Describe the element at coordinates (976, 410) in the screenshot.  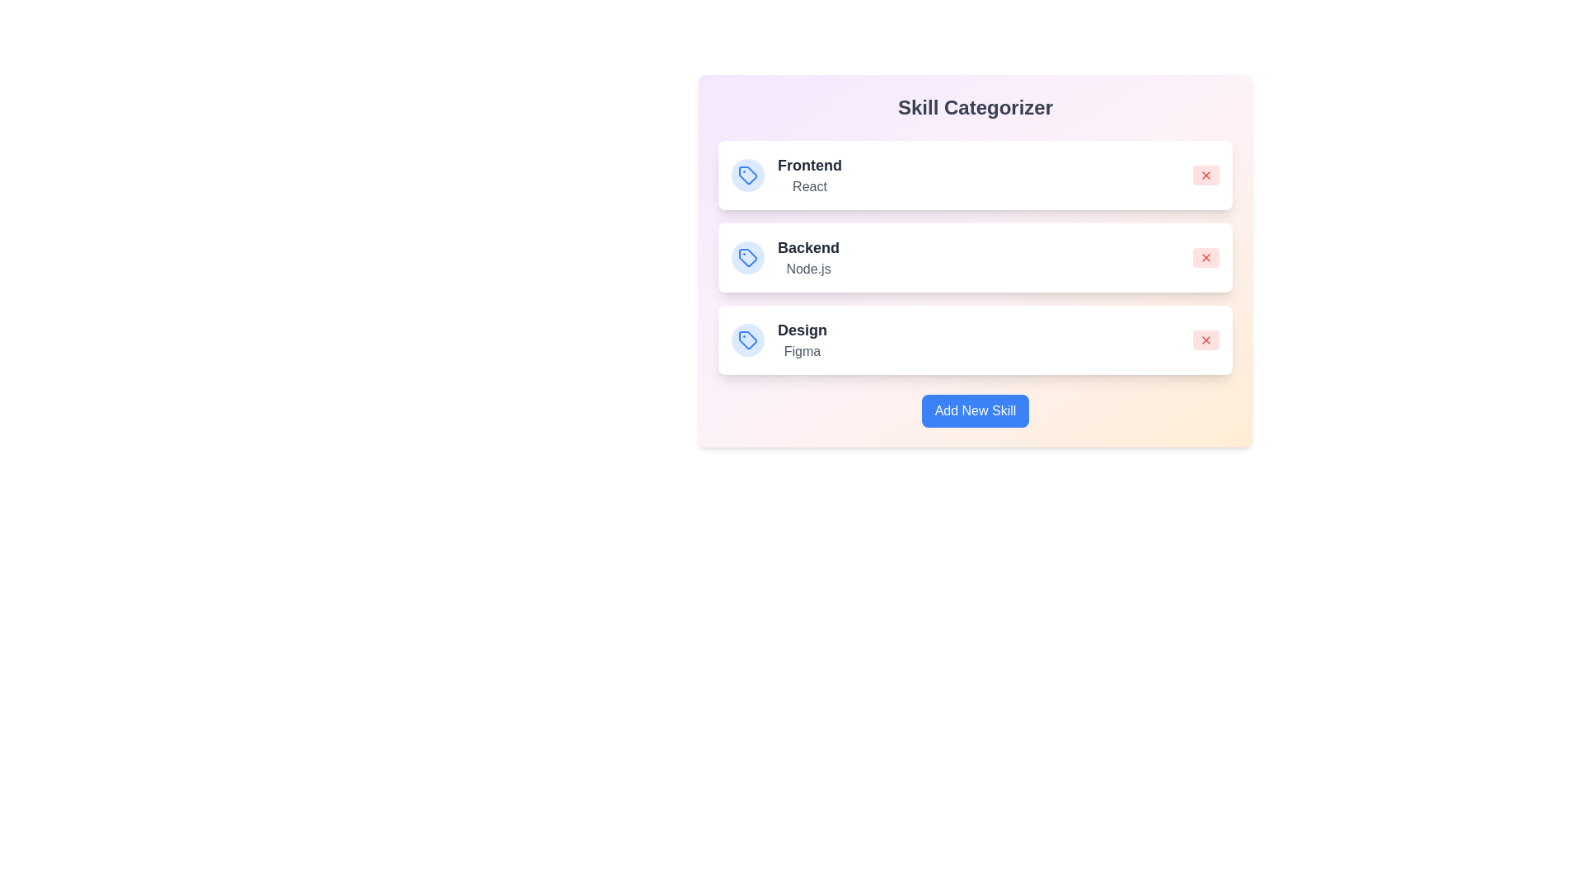
I see `the 'Add New Skill' button` at that location.